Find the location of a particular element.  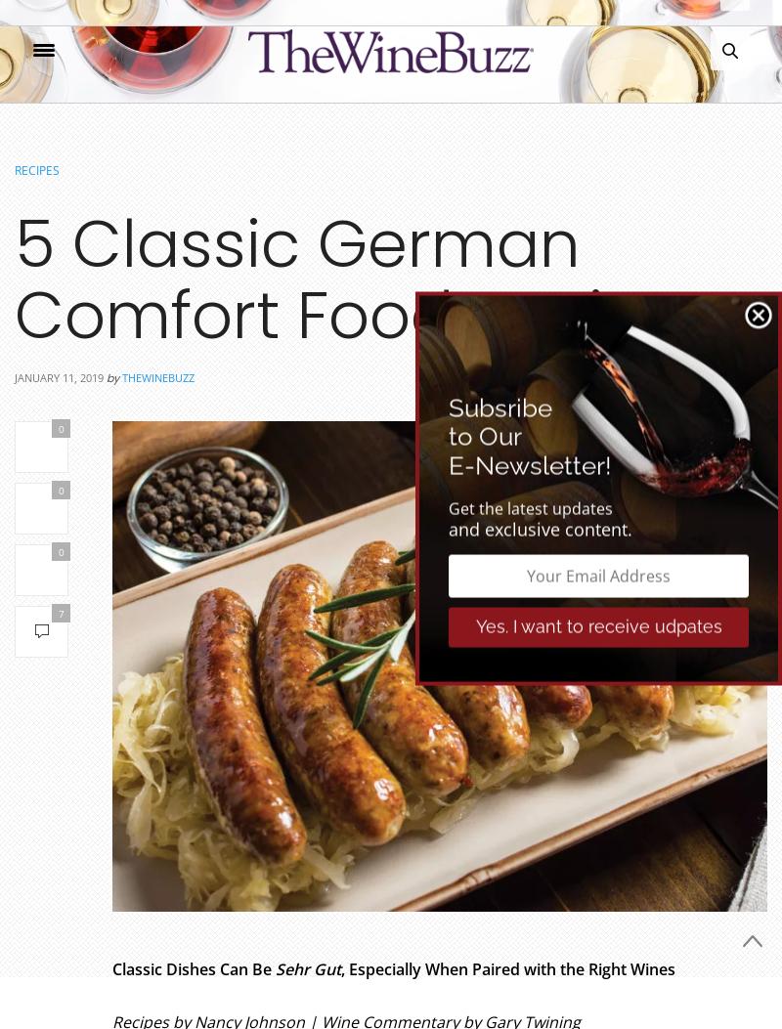

'thewinebuzz' is located at coordinates (158, 377).